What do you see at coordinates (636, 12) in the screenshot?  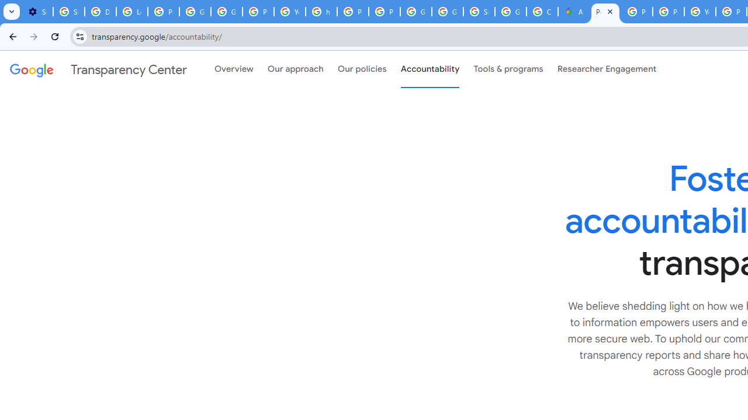 I see `'Privacy Help Center - Policies Help'` at bounding box center [636, 12].